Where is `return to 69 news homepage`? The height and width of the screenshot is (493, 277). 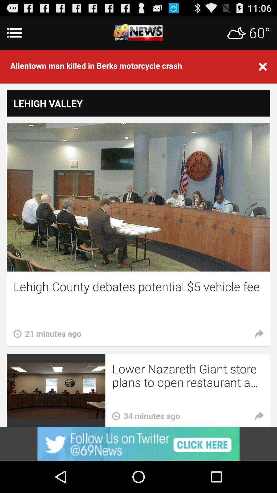
return to 69 news homepage is located at coordinates (138, 33).